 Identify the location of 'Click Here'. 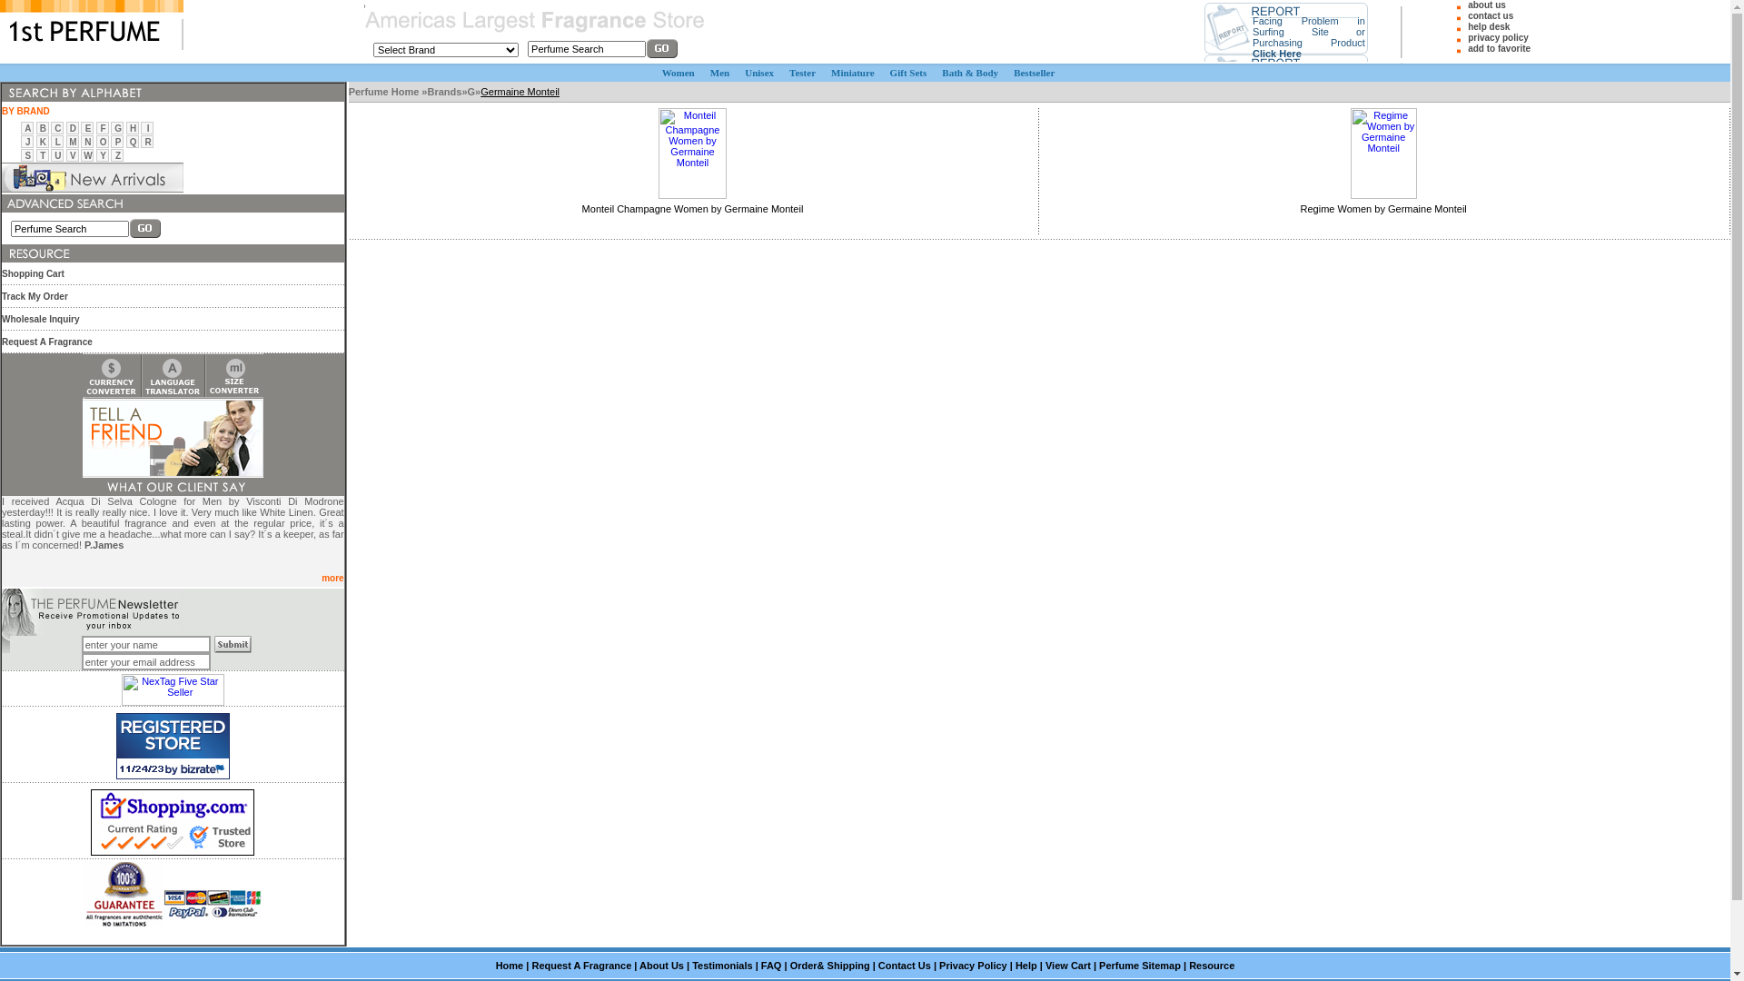
(1276, 51).